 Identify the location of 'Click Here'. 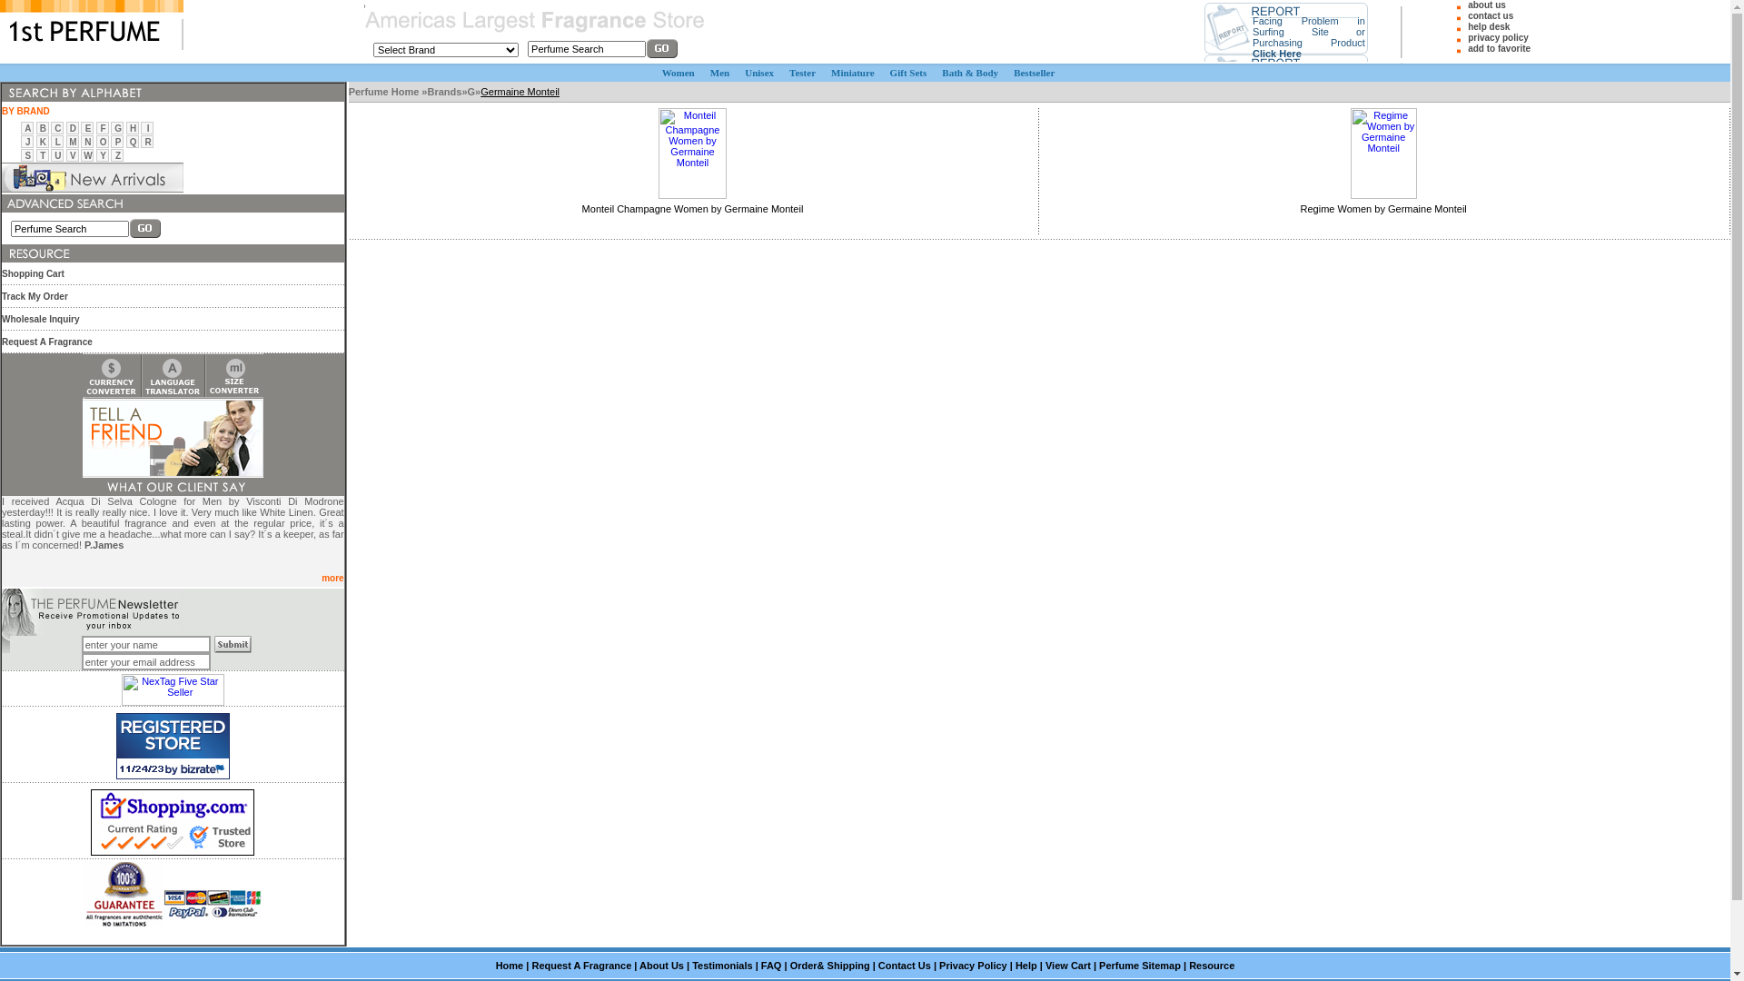
(1276, 51).